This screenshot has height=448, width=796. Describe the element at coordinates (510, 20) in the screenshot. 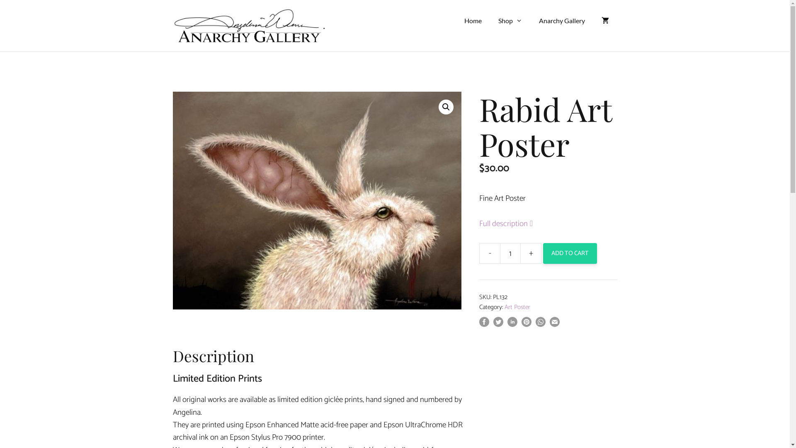

I see `'Shop'` at that location.